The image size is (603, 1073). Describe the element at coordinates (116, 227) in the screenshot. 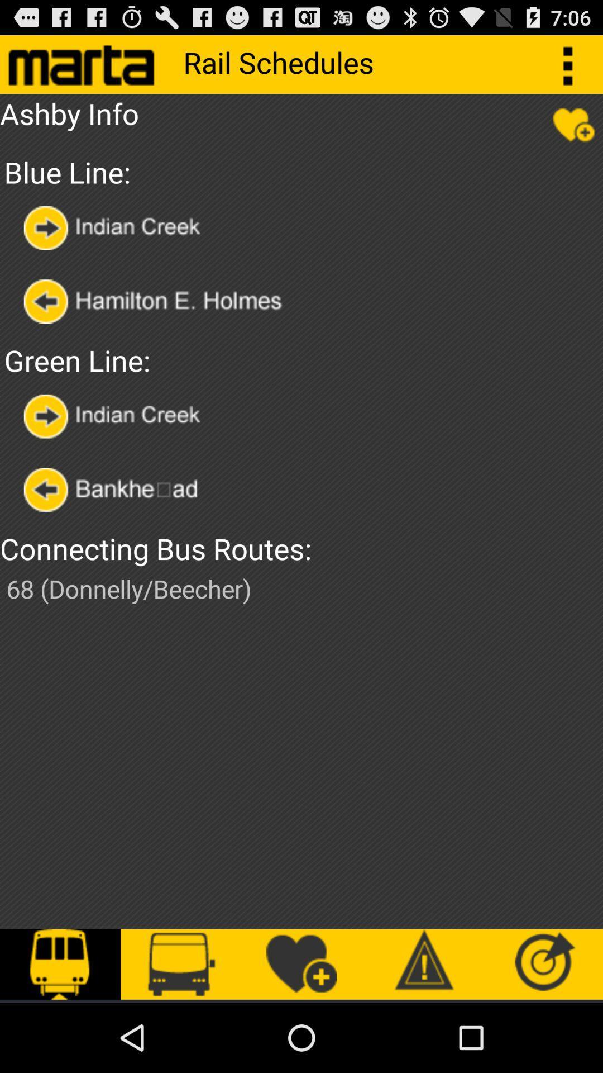

I see `choose by station` at that location.